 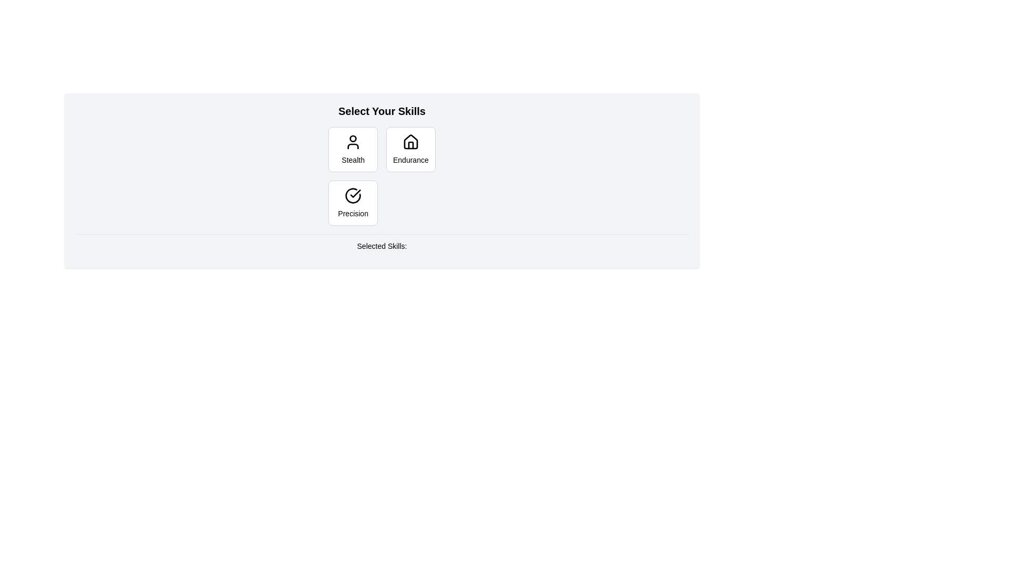 What do you see at coordinates (353, 203) in the screenshot?
I see `the button displaying a checkmark icon and labeled 'Precision'` at bounding box center [353, 203].